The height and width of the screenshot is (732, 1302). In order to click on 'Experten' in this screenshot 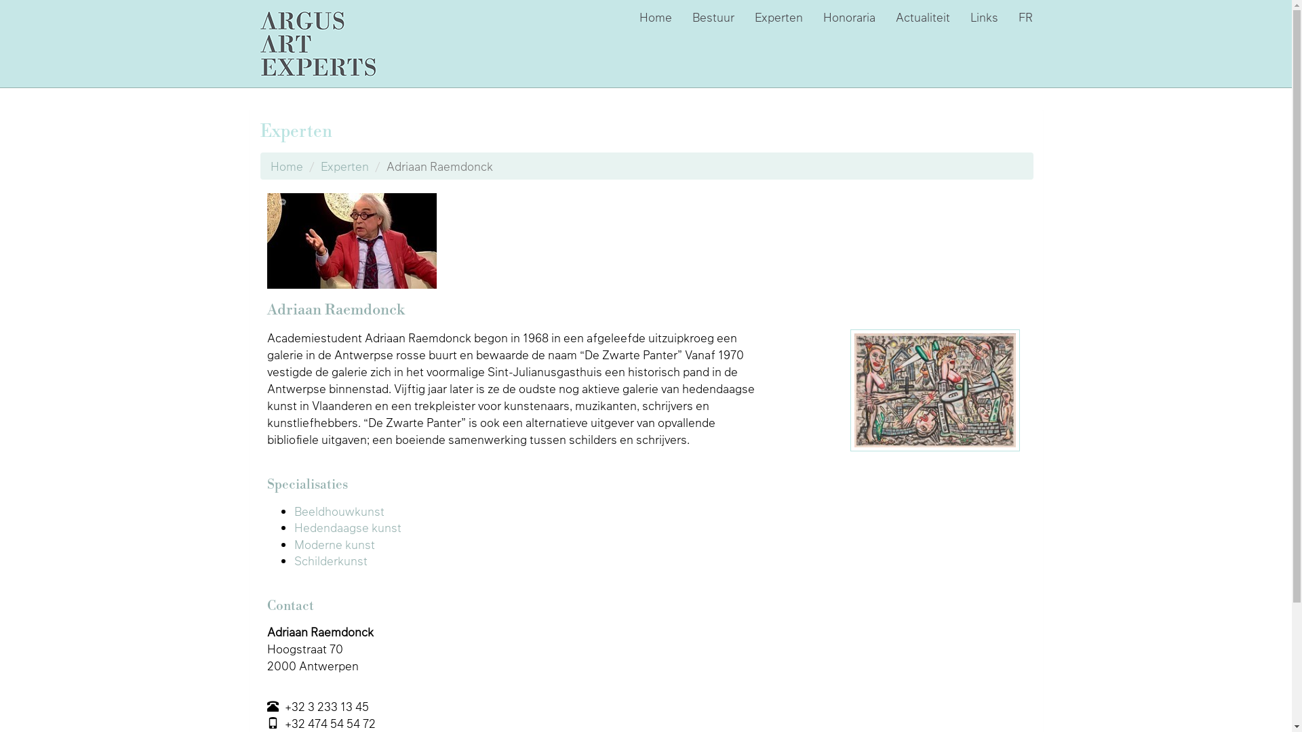, I will do `click(344, 164)`.